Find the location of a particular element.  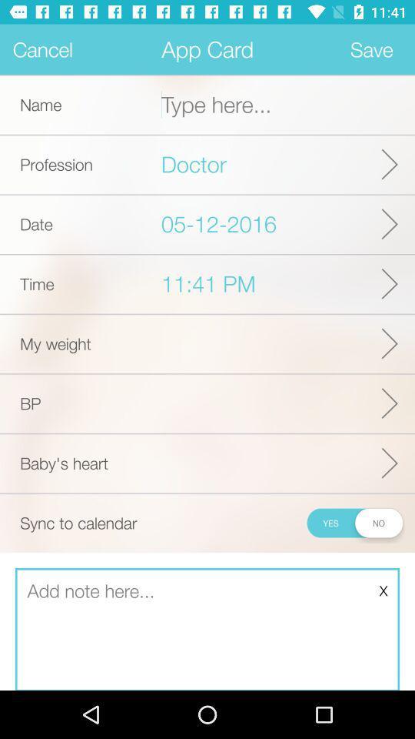

blank for writting name is located at coordinates (287, 103).